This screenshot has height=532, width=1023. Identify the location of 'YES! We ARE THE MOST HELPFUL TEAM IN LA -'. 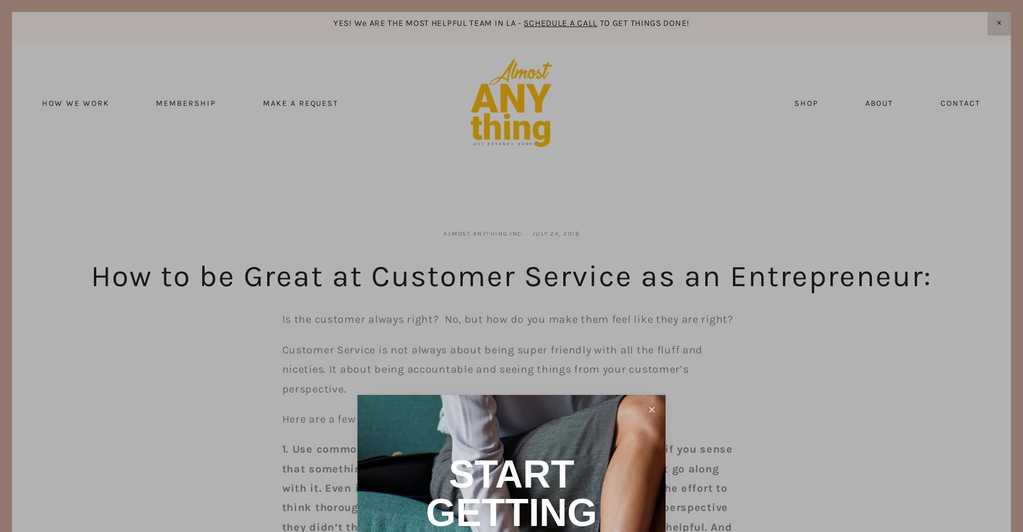
(428, 23).